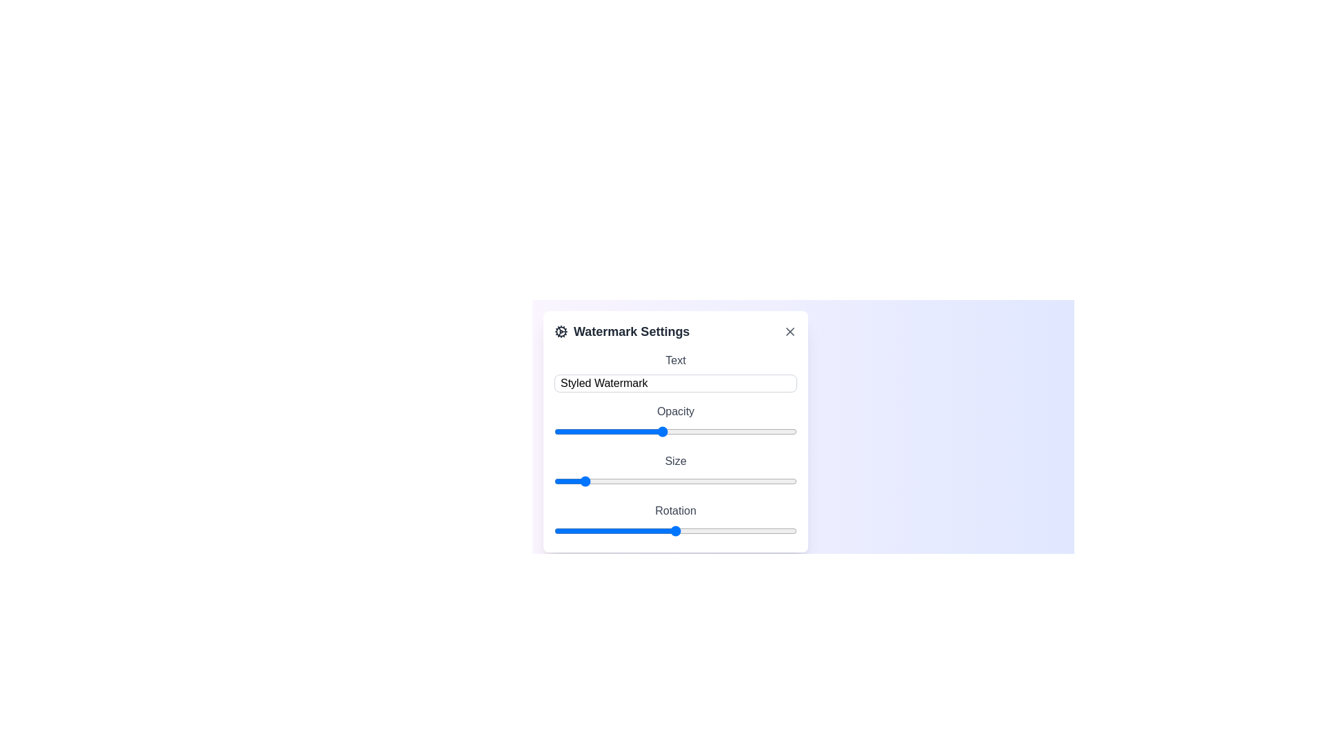 The width and height of the screenshot is (1324, 745). What do you see at coordinates (700, 530) in the screenshot?
I see `rotation` at bounding box center [700, 530].